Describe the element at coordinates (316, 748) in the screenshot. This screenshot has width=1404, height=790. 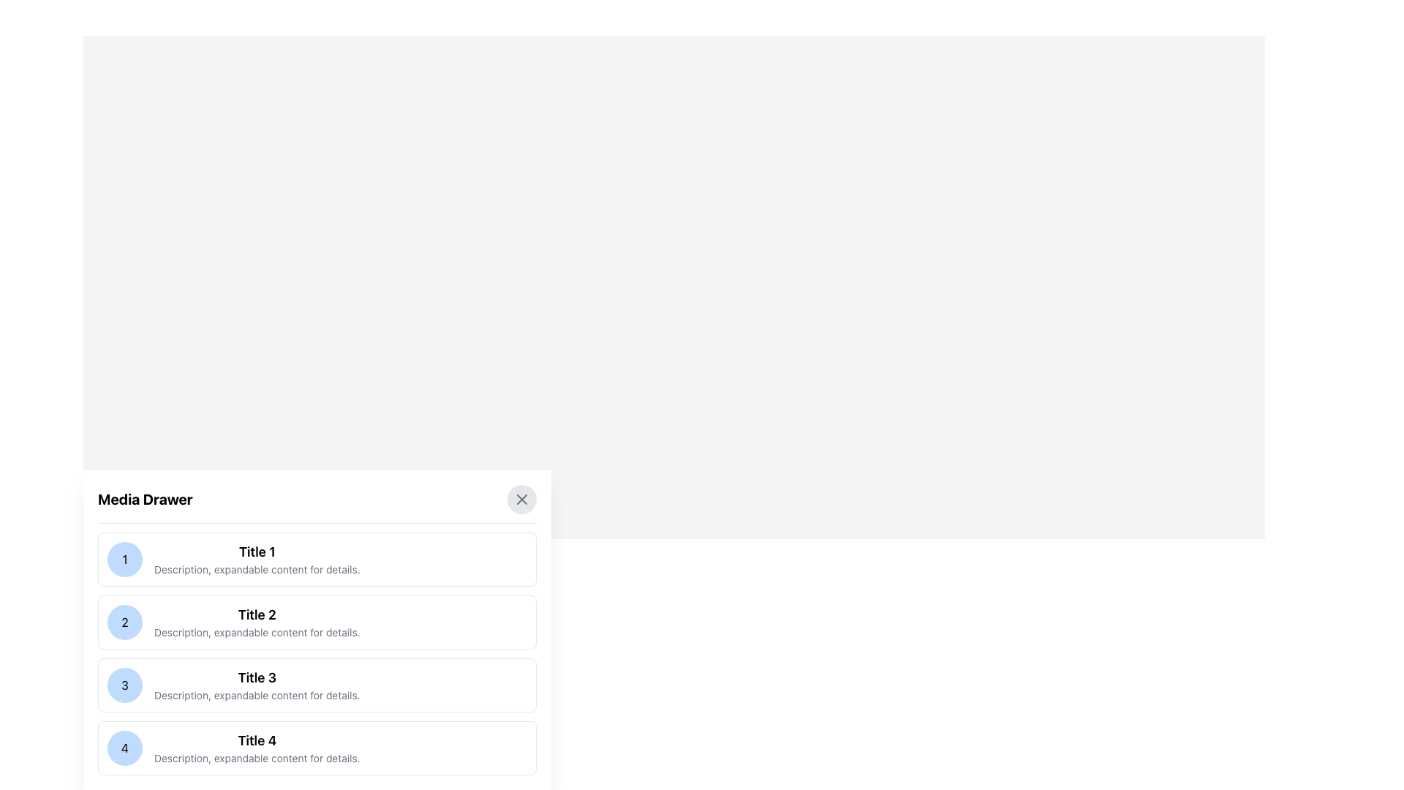
I see `the fourth card in the vertically stacked list that has a white background, rounded corners, a numeric badge with the number '4' in a blue circle, a bolded title 'Title 4', and a description text below it` at that location.